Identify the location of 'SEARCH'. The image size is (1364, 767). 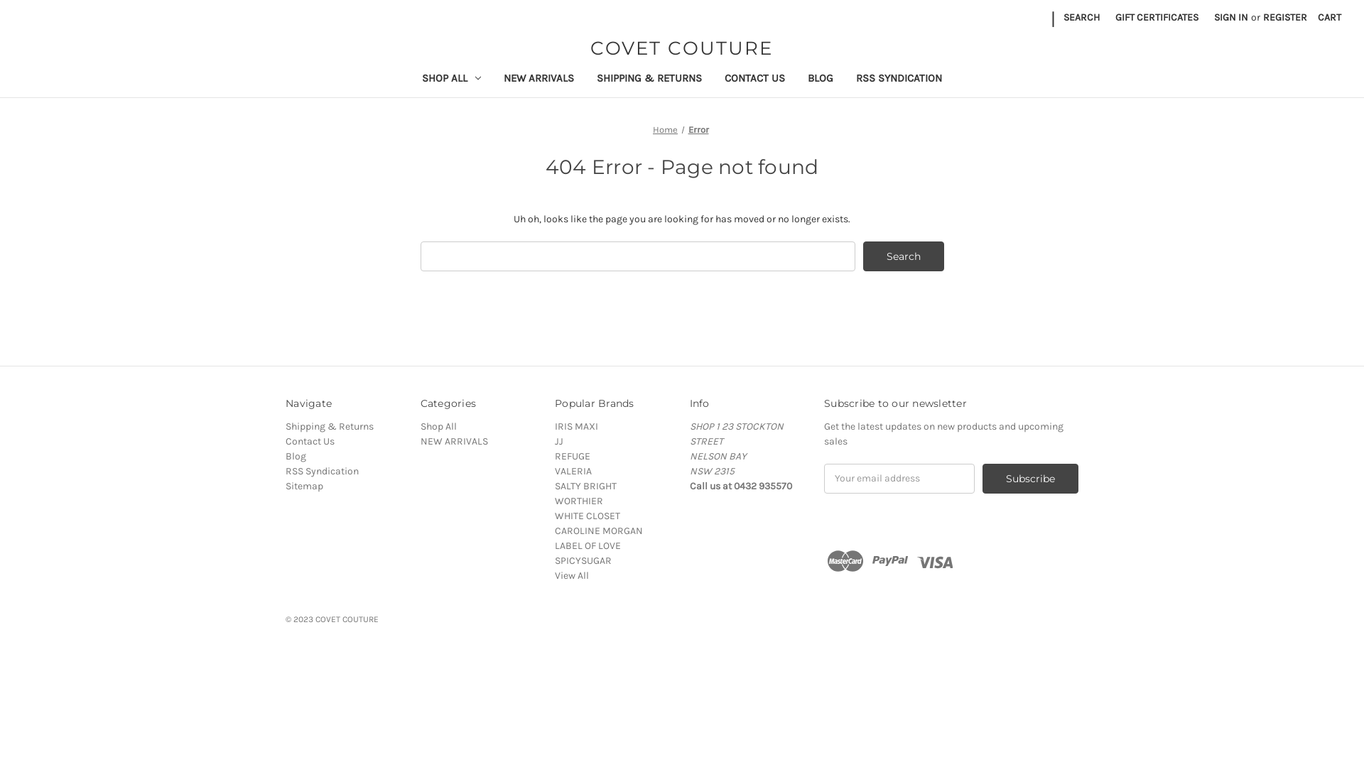
(1081, 17).